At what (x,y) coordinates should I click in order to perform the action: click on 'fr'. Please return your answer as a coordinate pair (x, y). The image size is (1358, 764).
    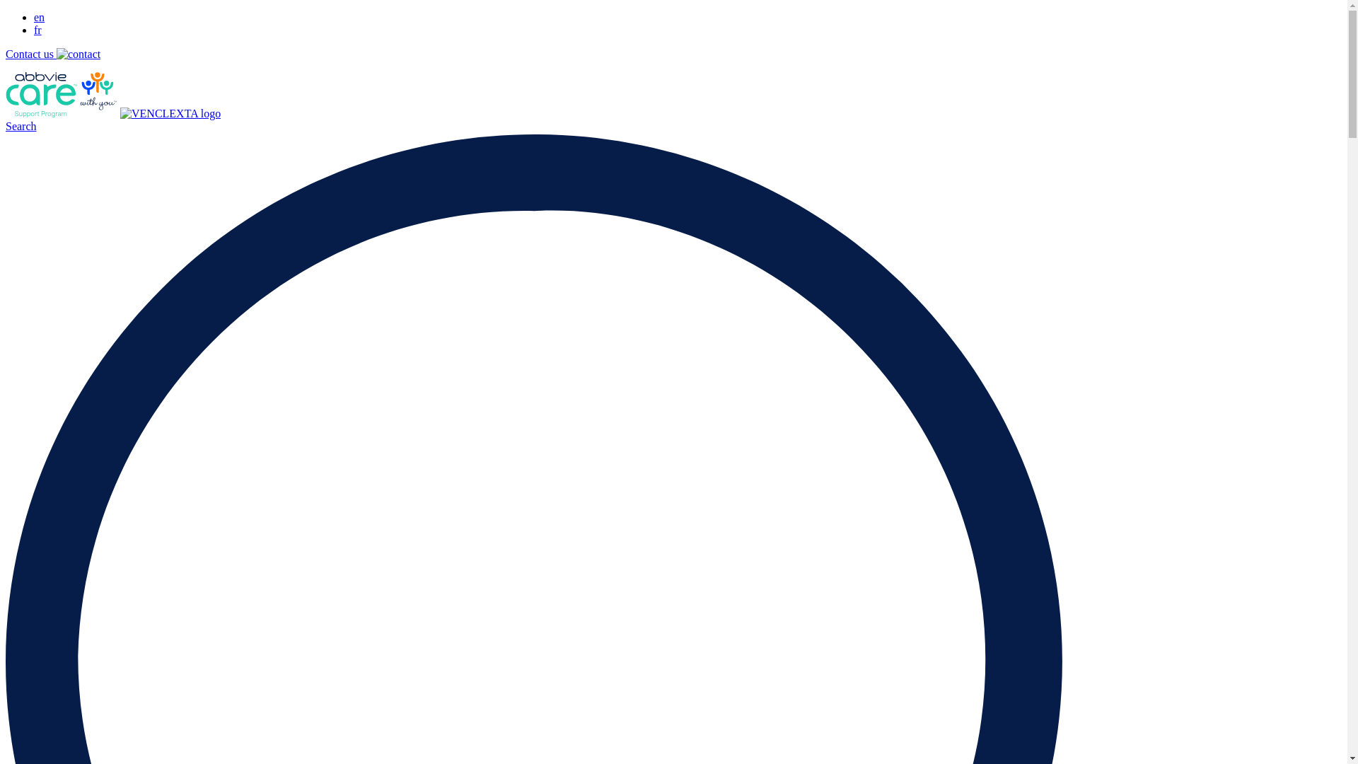
    Looking at the image, I should click on (37, 30).